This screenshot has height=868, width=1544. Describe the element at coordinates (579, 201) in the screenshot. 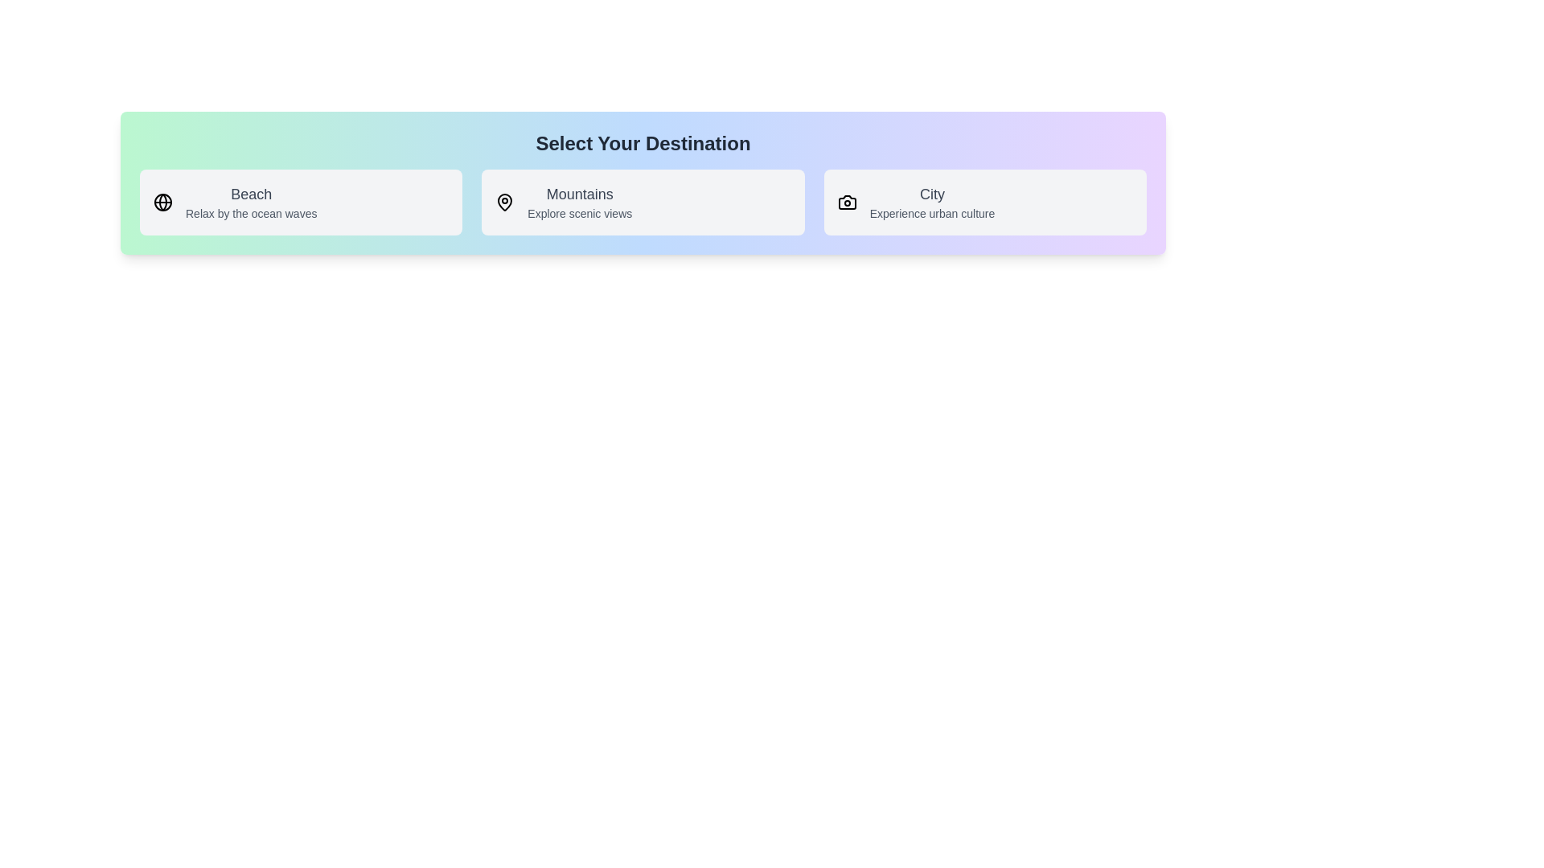

I see `the 'Mountains' text label, which is the second selectable panel in a row of three destination options, displaying 'Mountains' in bold dark gray and 'Explore scenic views' in light gray` at that location.